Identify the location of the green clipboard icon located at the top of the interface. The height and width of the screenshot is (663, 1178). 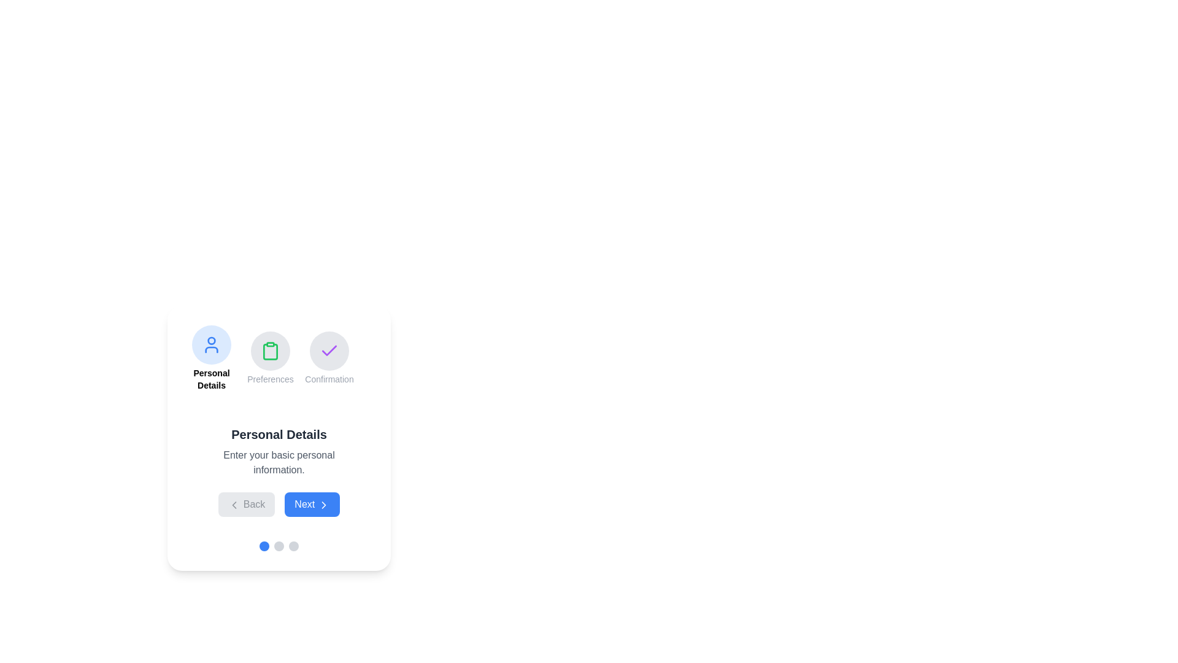
(270, 351).